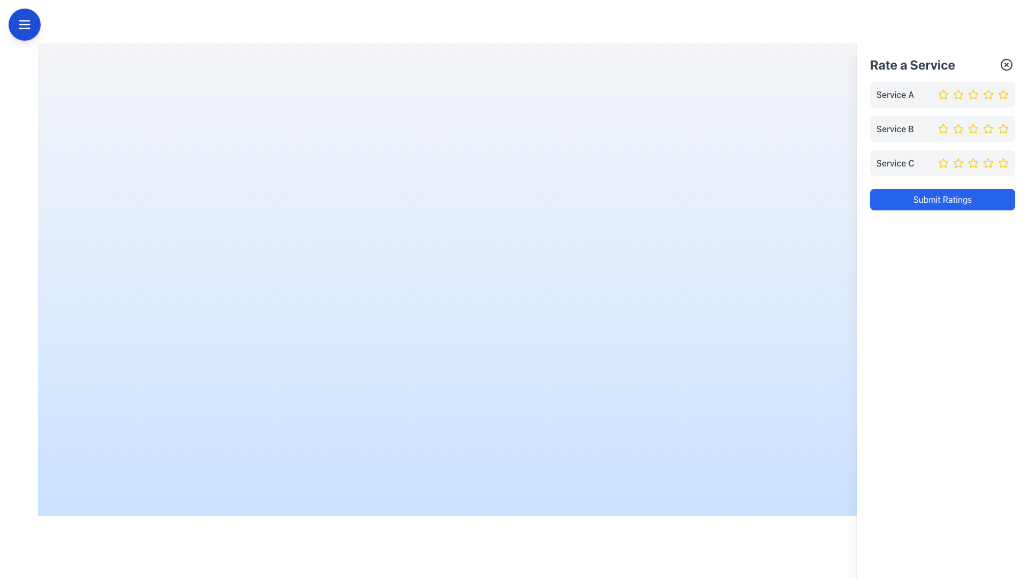  Describe the element at coordinates (988, 128) in the screenshot. I see `the third star icon from the left in the rating row for 'Service B' in the 'Rate a Service' section` at that location.